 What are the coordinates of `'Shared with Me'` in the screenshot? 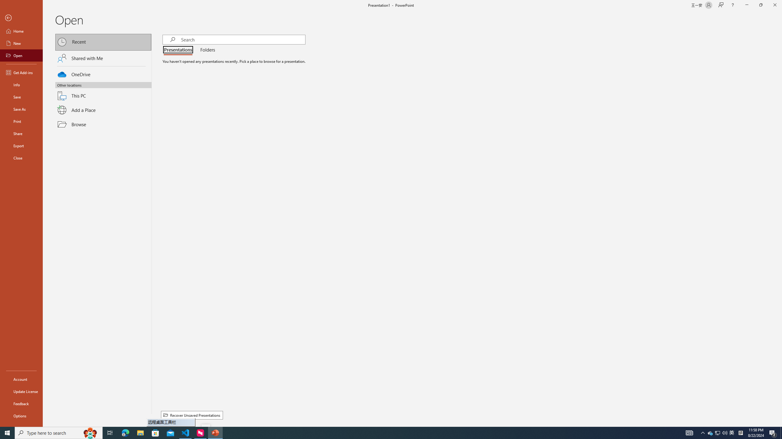 It's located at (103, 58).